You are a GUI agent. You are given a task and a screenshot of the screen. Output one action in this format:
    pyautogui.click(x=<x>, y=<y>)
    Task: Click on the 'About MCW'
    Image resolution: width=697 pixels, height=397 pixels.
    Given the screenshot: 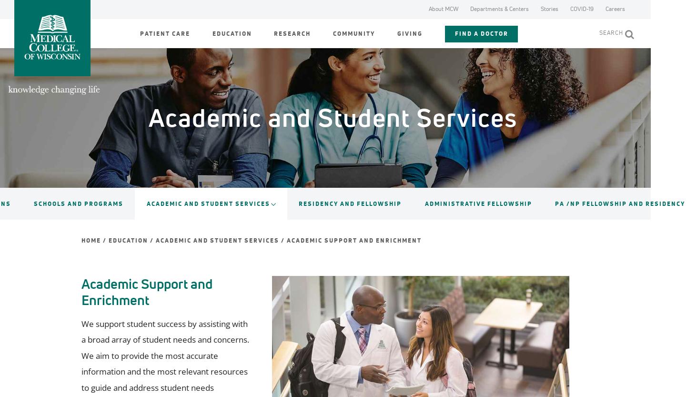 What is the action you would take?
    pyautogui.click(x=428, y=9)
    